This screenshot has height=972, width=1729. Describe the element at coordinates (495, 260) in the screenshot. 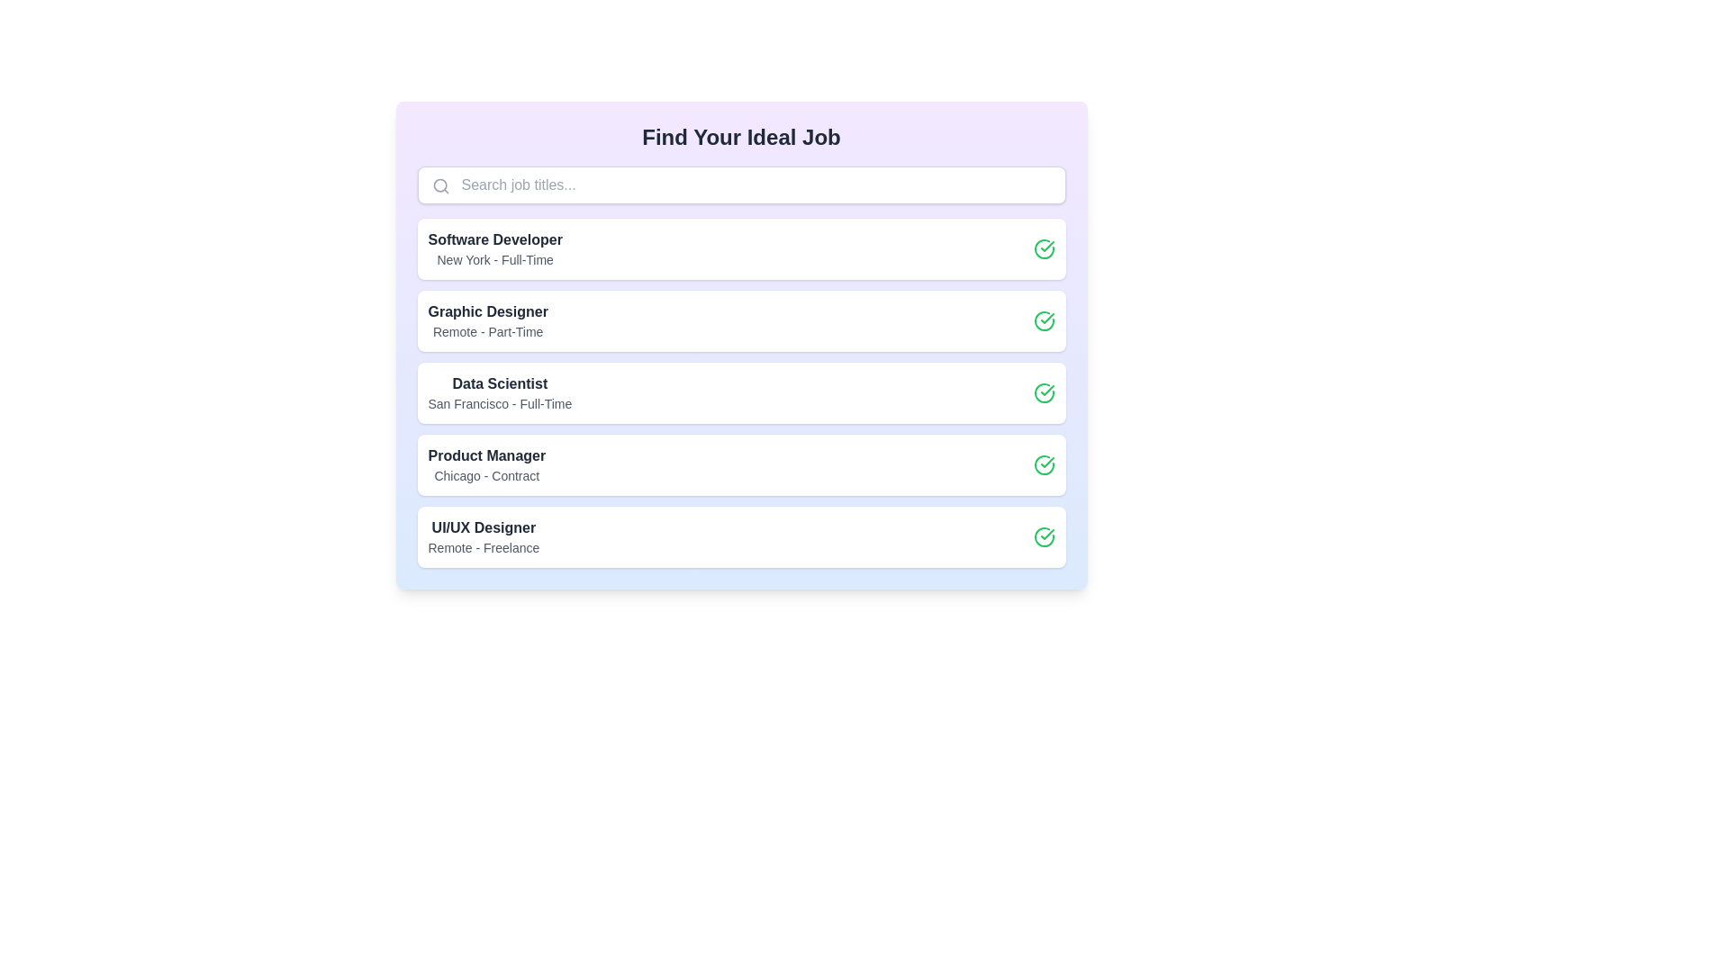

I see `the non-interactive text label that provides details about the job 'Software Developer' located in New York, which is positioned below the job title in the first job entry` at that location.